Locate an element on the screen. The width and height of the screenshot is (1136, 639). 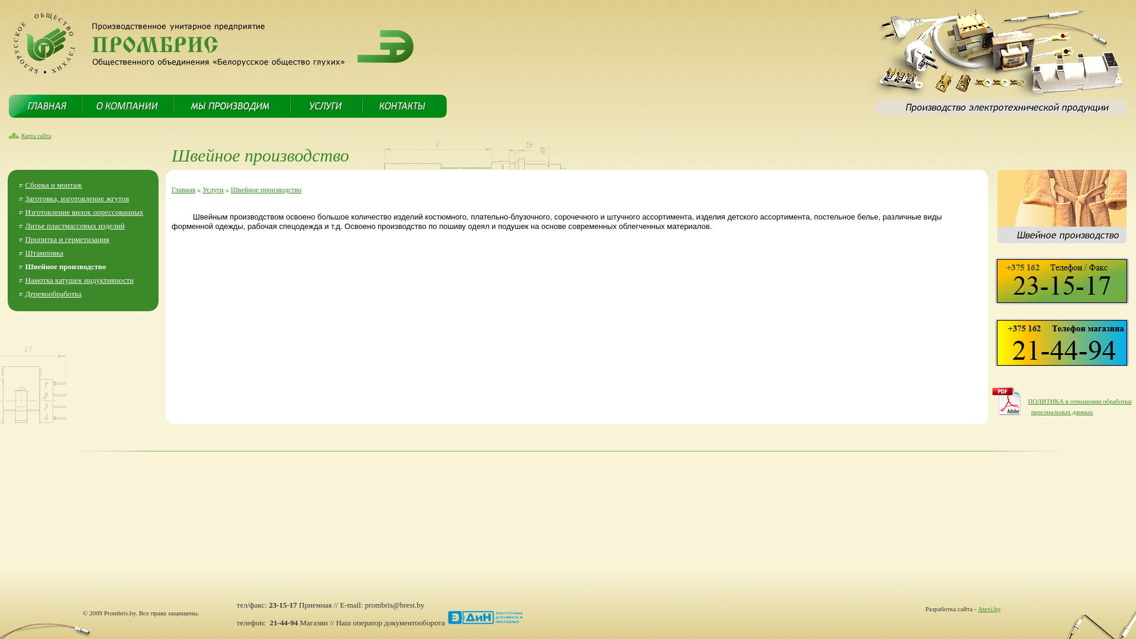
'Atevi.by' is located at coordinates (977, 609).